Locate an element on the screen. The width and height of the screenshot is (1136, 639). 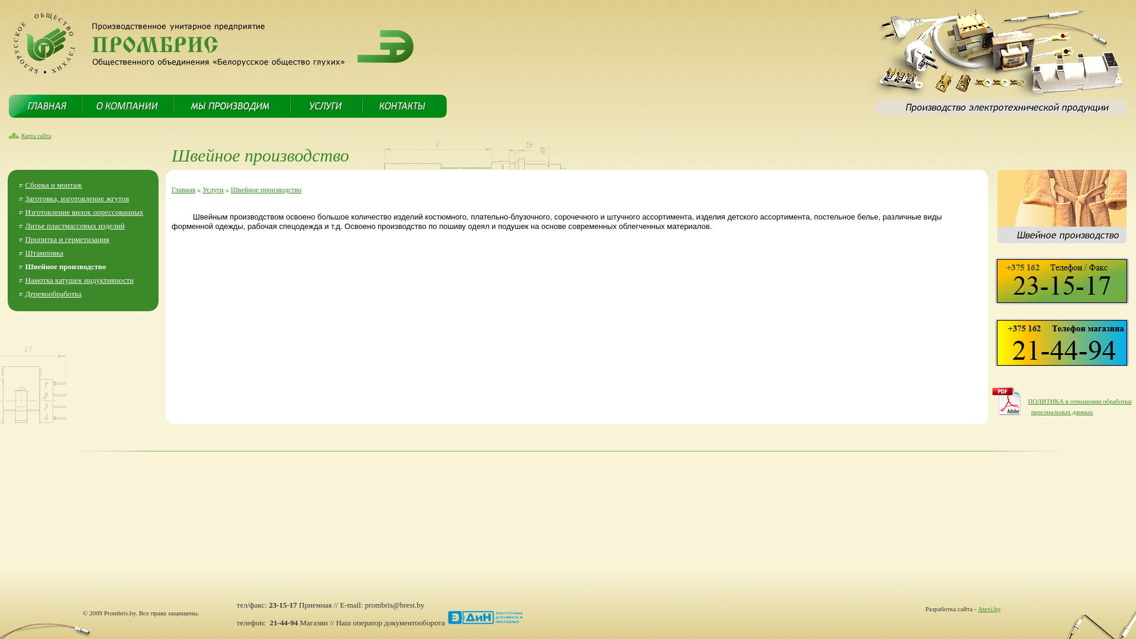
'Atevi.by' is located at coordinates (977, 609).